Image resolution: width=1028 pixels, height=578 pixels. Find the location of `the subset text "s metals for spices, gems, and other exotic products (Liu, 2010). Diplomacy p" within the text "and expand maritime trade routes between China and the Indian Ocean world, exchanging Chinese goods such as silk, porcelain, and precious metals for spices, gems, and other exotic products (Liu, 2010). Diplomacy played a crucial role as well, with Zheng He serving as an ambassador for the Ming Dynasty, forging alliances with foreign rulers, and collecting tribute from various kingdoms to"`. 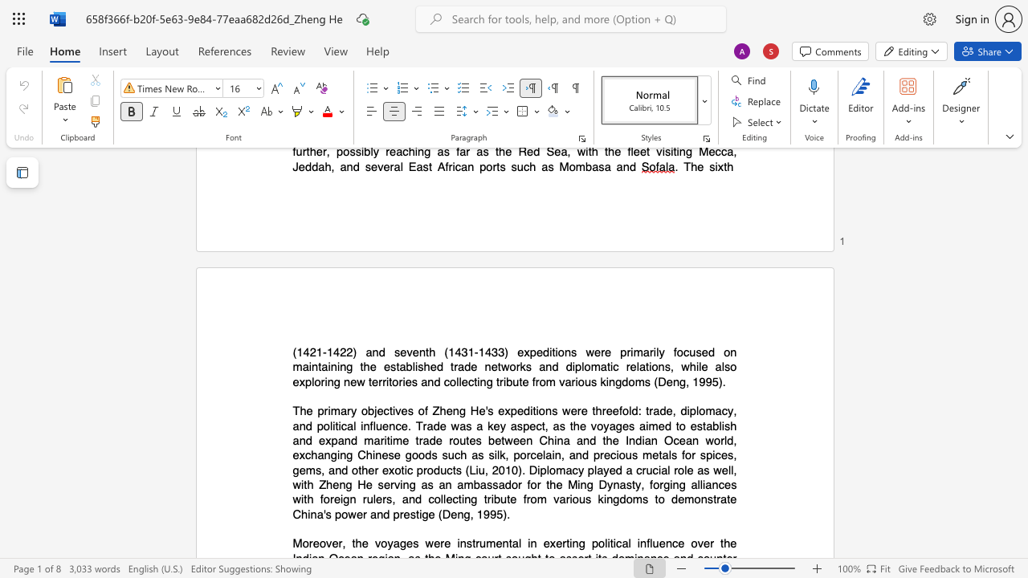

the subset text "s metals for spices, gems, and other exotic products (Liu, 2010). Diplomacy p" within the text "and expand maritime trade routes between China and the Indian Ocean world, exchanging Chinese goods such as silk, porcelain, and precious metals for spices, gems, and other exotic products (Liu, 2010). Diplomacy played a crucial role as well, with Zheng He serving as an ambassador for the Ming Dynasty, forging alliances with foreign rulers, and collecting tribute from various kingdoms to" is located at coordinates (630, 455).